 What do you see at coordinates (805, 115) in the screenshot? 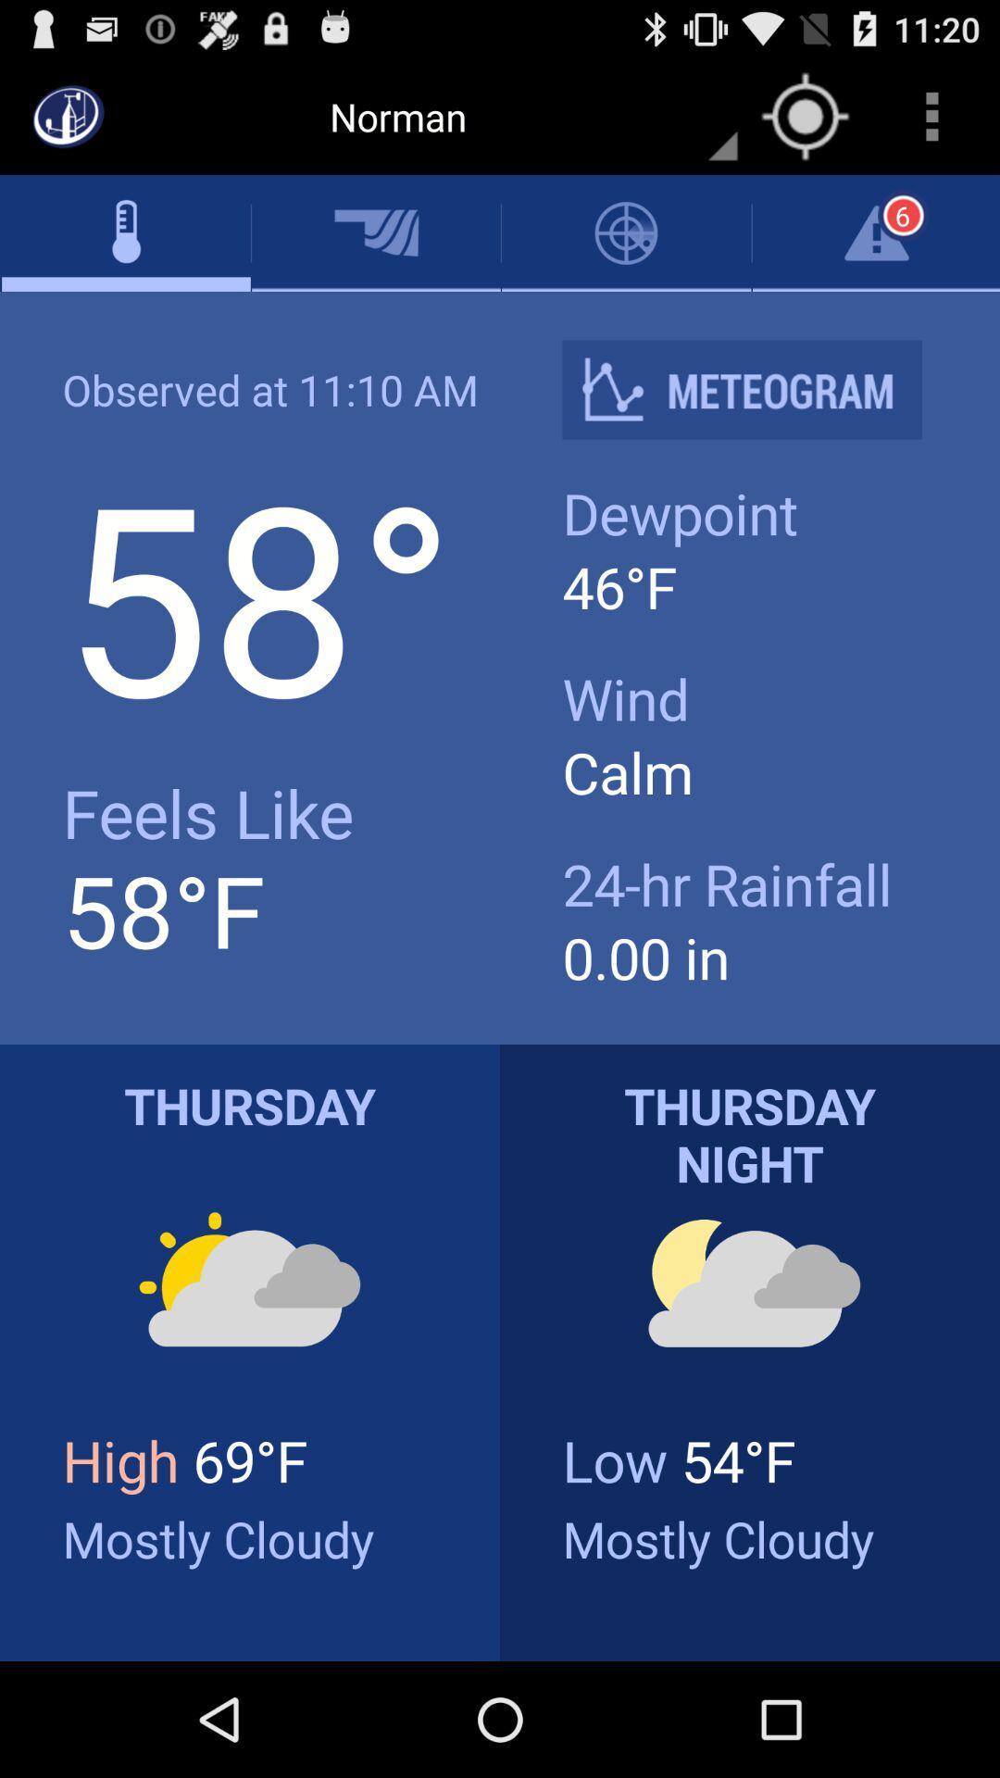
I see `the map` at bounding box center [805, 115].